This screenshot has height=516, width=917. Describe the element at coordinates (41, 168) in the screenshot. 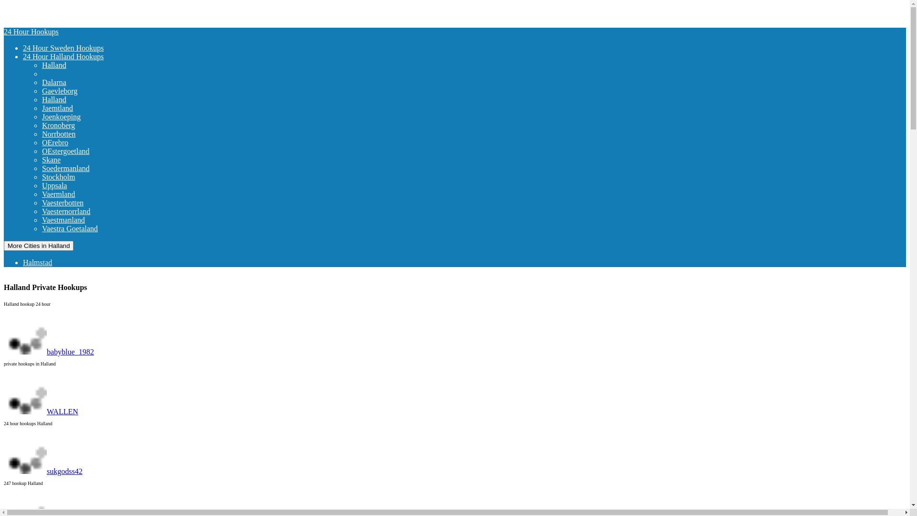

I see `'Soedermanland'` at that location.